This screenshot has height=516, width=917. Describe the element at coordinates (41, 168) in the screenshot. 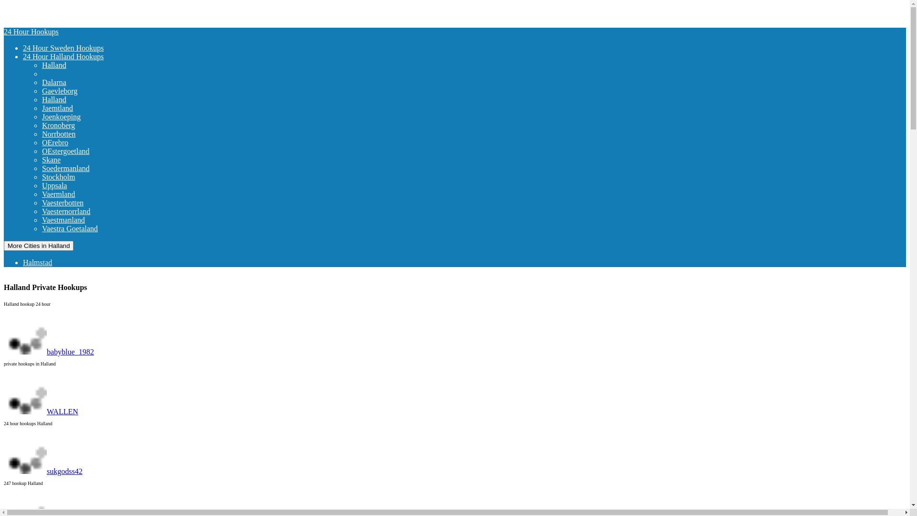

I see `'Soedermanland'` at that location.